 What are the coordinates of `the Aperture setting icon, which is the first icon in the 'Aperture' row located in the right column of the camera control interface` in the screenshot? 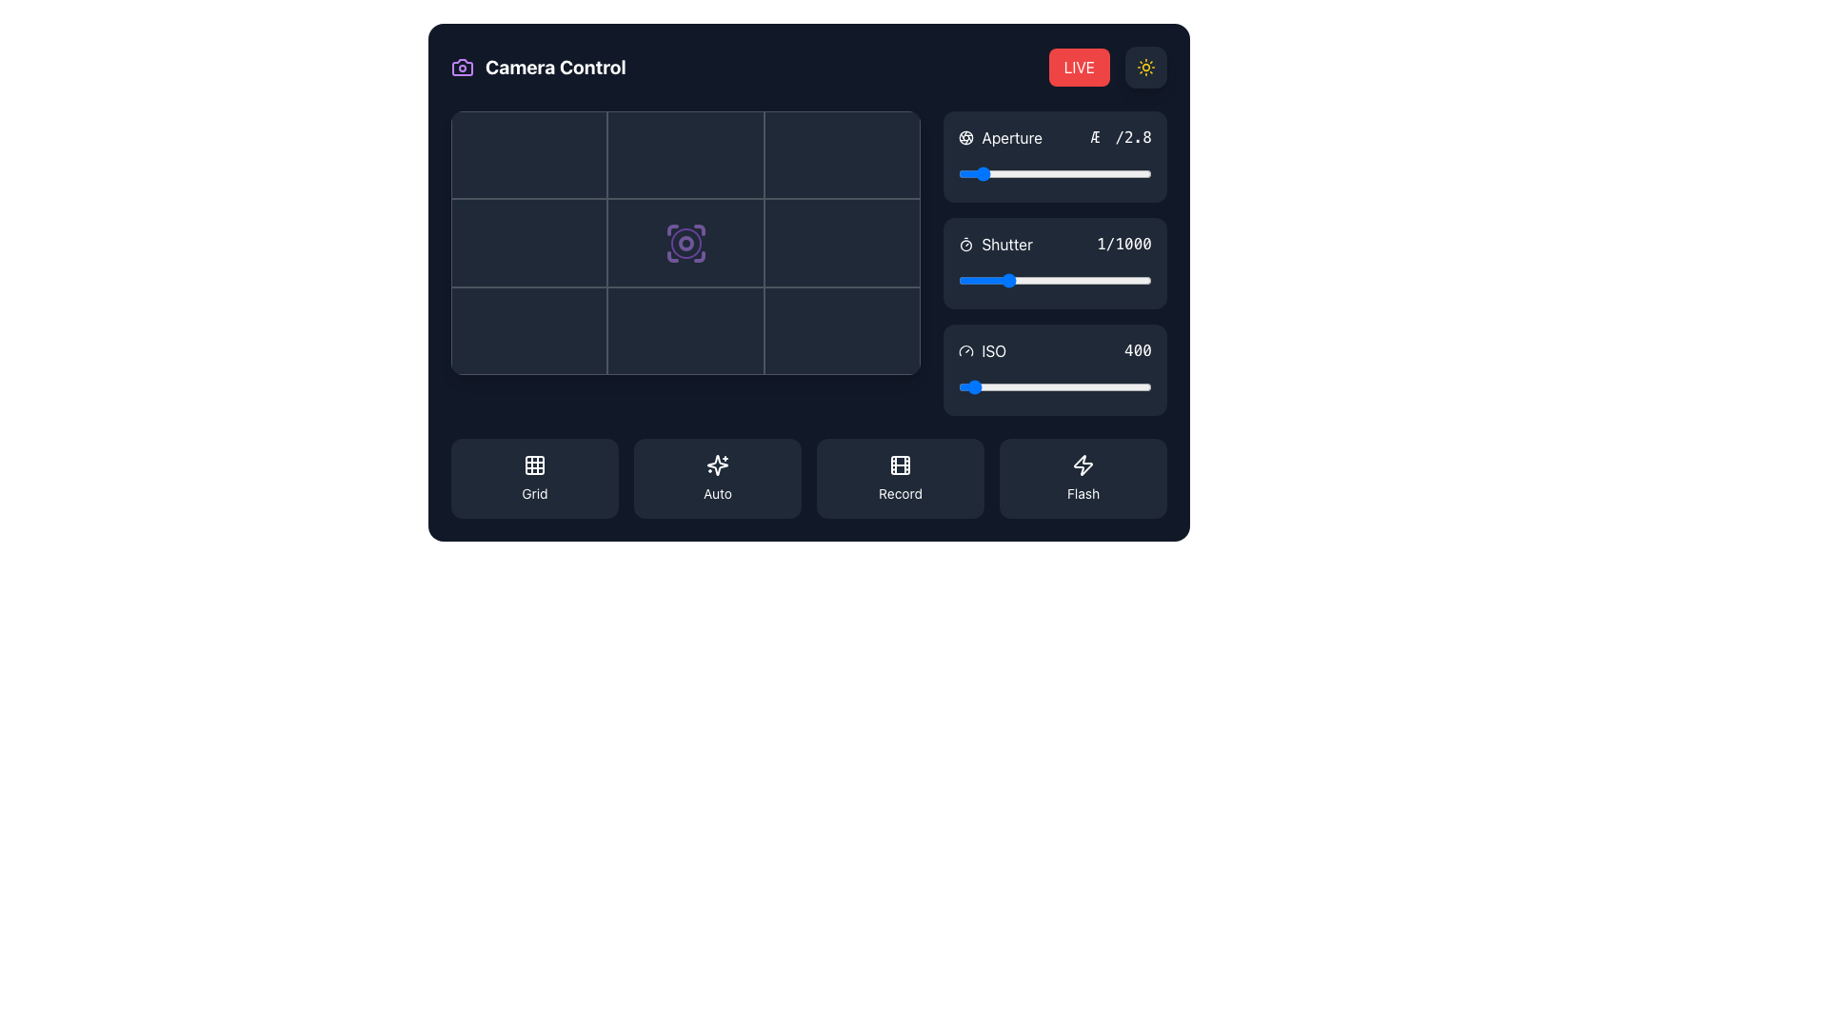 It's located at (966, 137).